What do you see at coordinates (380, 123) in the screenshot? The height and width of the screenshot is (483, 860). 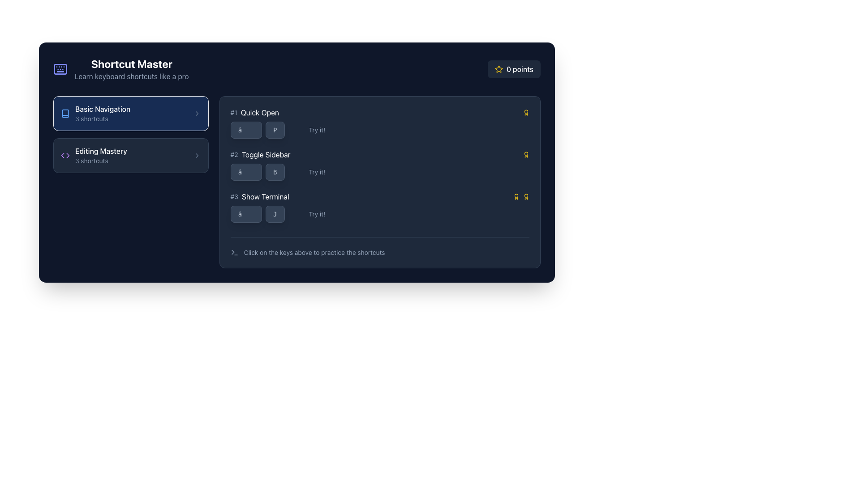 I see `the first list item in the 'Shortcut Master' section that introduces the keyboard shortcut for the 'Quick Open' command` at bounding box center [380, 123].